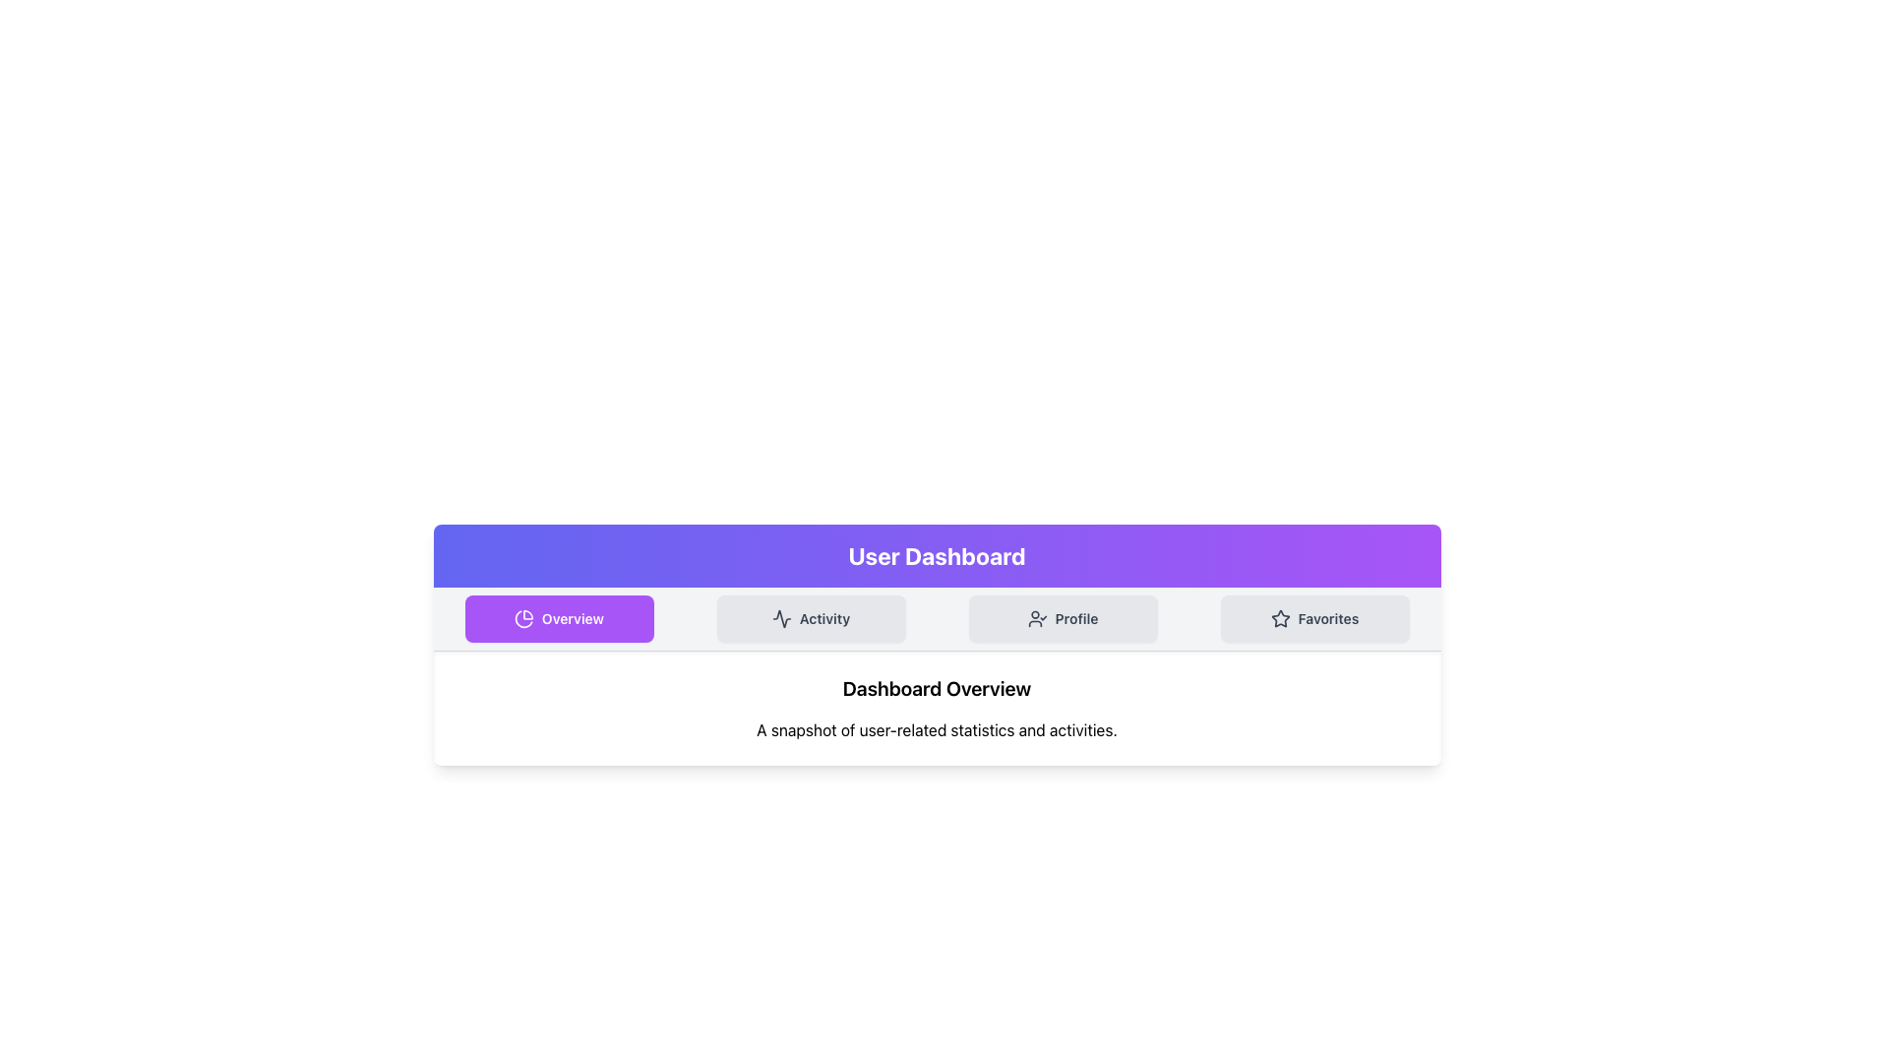 Image resolution: width=1889 pixels, height=1063 pixels. Describe the element at coordinates (936, 555) in the screenshot. I see `the static header element displaying 'User Dashboard' with a gradient background from indigo to purple` at that location.